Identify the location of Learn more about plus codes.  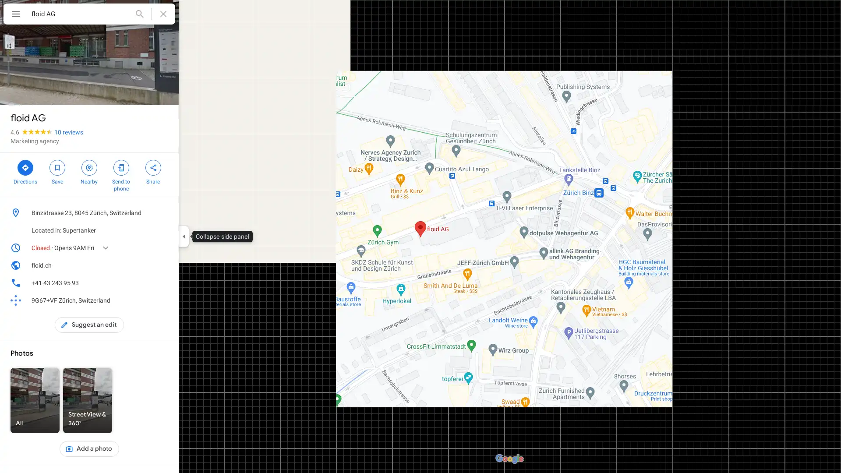
(164, 300).